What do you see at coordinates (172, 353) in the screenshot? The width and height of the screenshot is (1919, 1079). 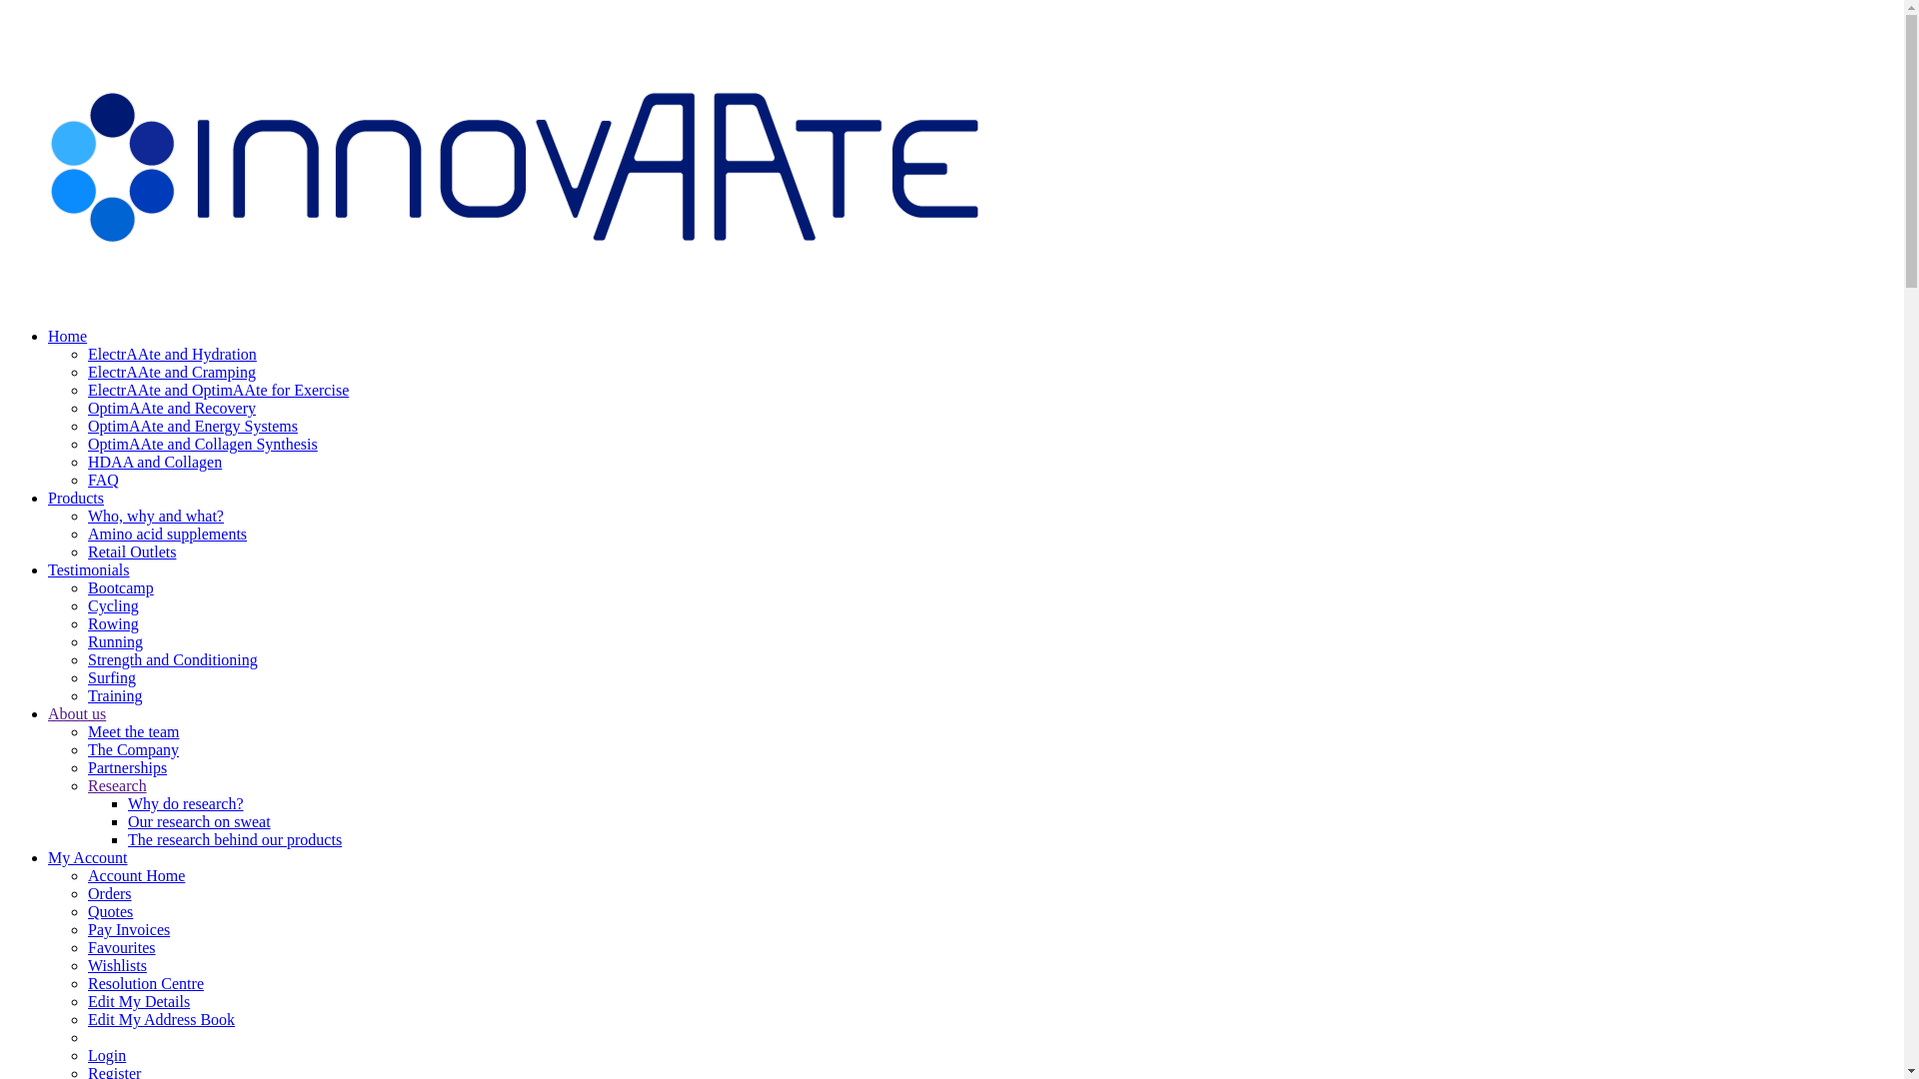 I see `'ElectrAAte and Hydration'` at bounding box center [172, 353].